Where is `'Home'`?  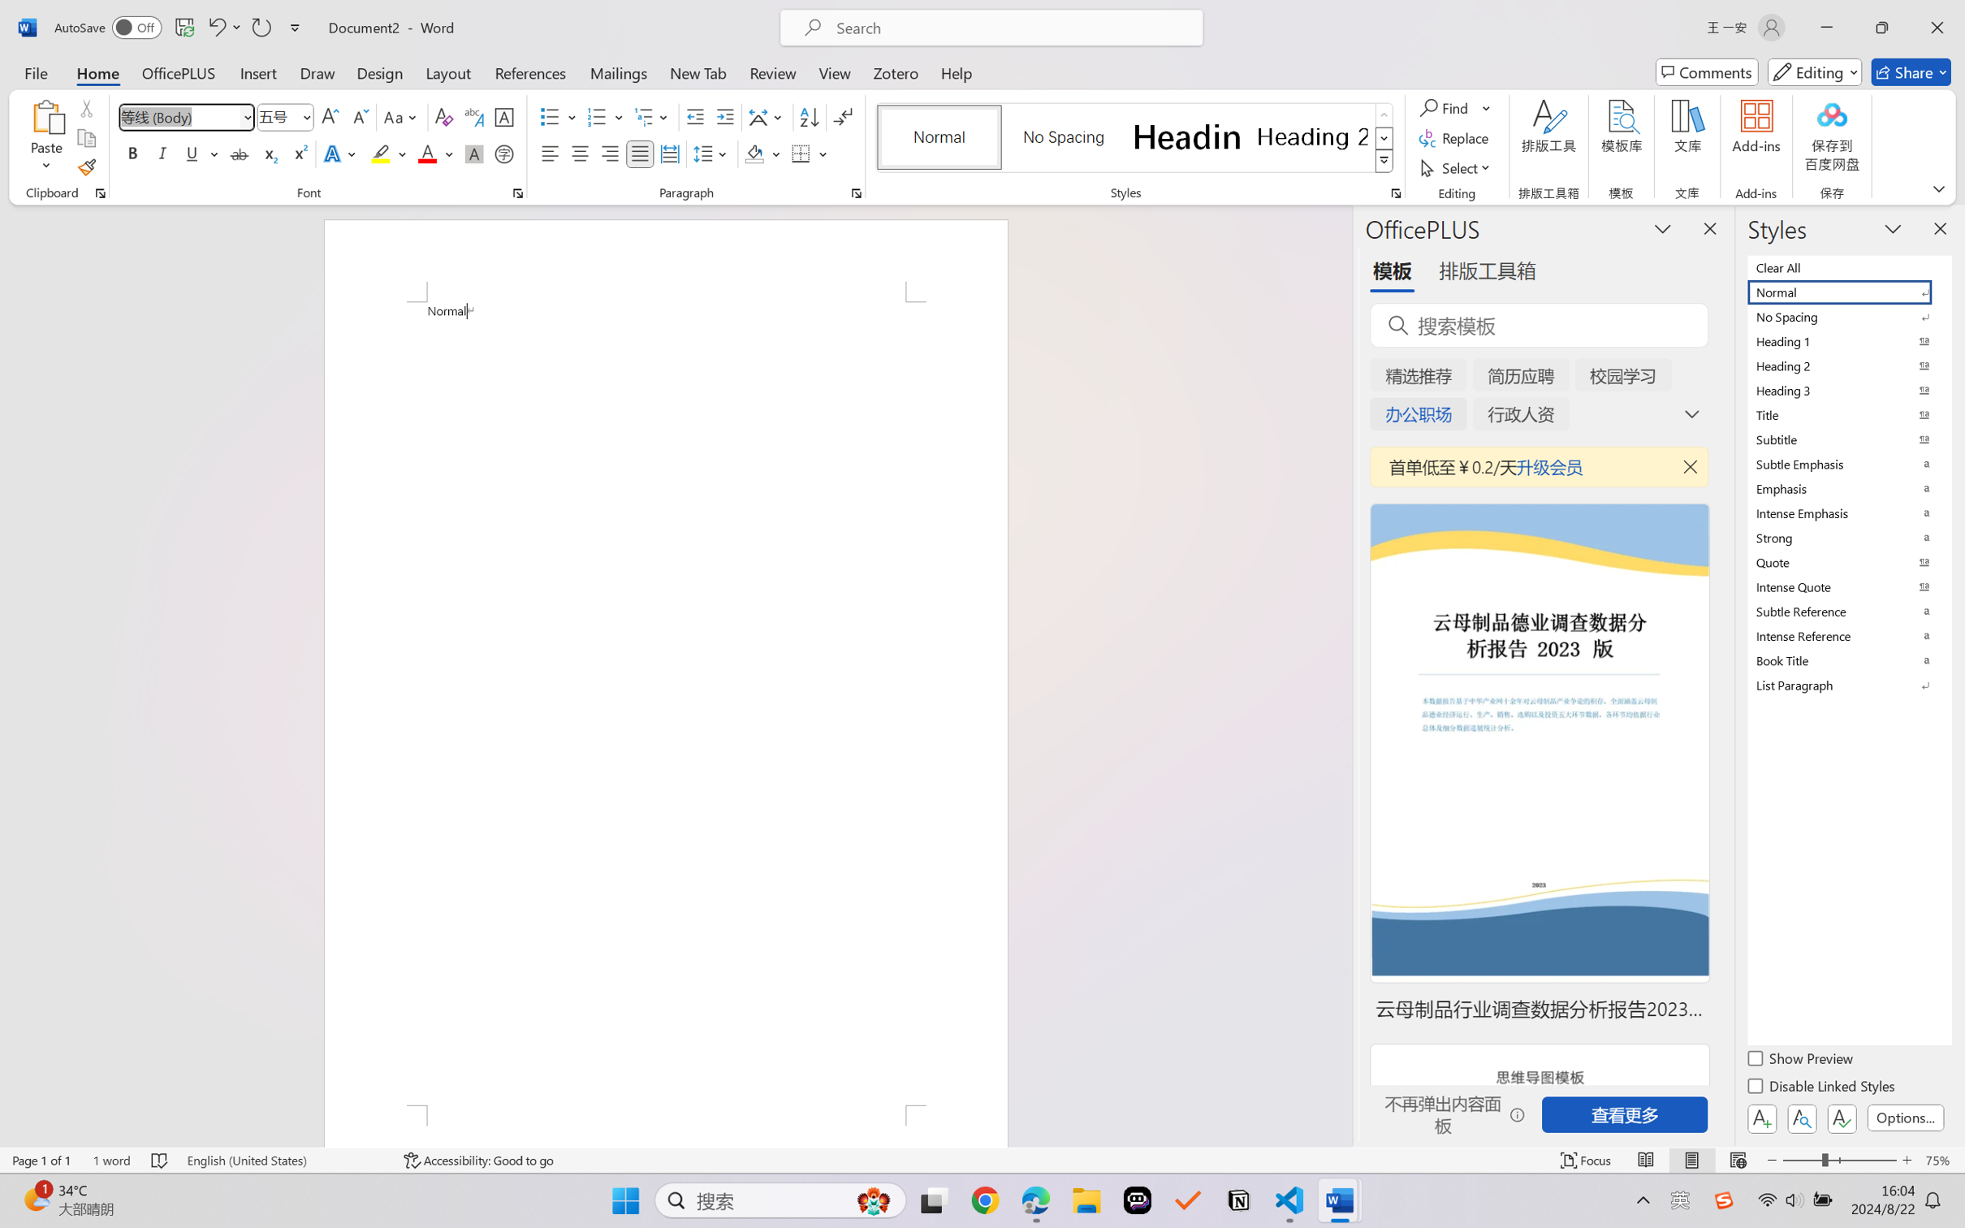 'Home' is located at coordinates (98, 71).